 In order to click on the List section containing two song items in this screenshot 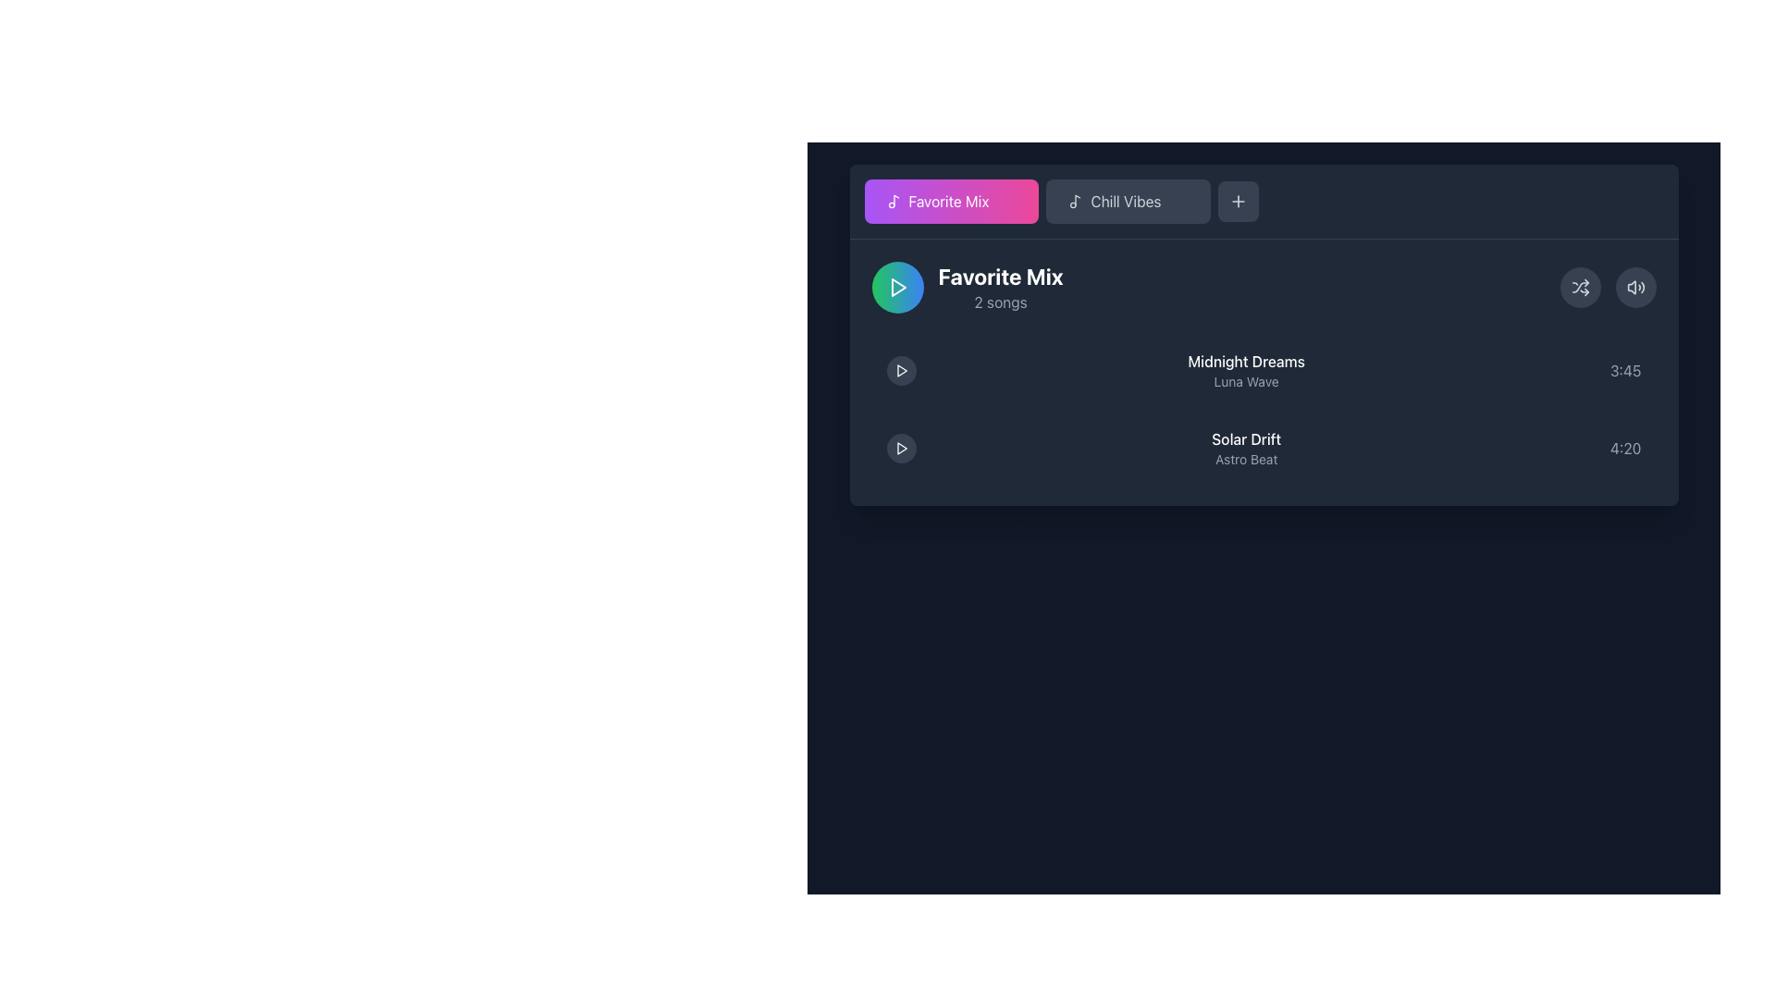, I will do `click(1263, 372)`.